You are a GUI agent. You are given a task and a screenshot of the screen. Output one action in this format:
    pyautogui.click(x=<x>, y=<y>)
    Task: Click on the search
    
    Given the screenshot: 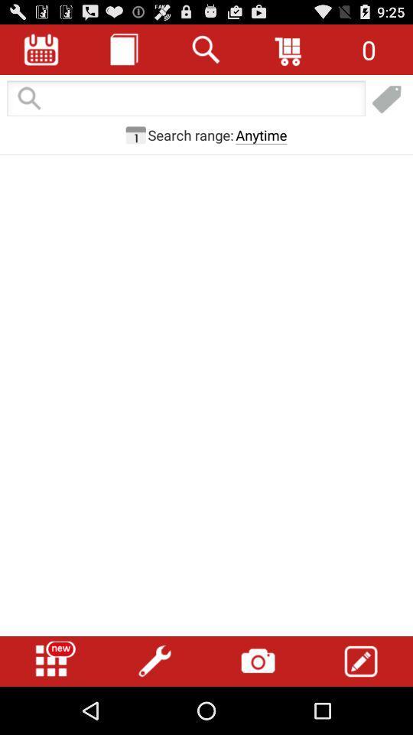 What is the action you would take?
    pyautogui.click(x=206, y=49)
    